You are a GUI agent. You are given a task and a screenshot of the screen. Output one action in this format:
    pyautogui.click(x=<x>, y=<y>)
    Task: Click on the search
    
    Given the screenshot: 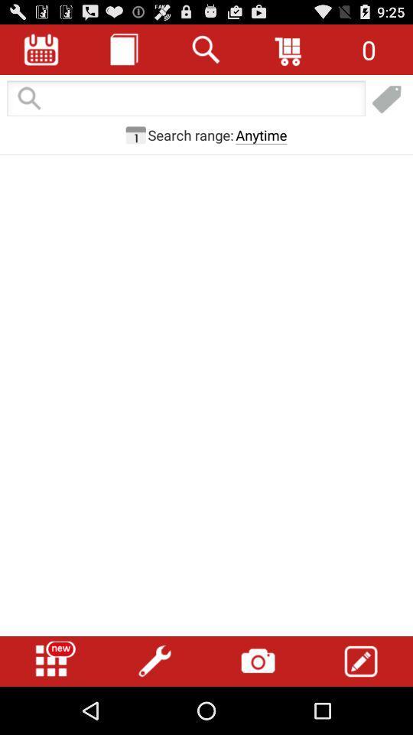 What is the action you would take?
    pyautogui.click(x=206, y=49)
    